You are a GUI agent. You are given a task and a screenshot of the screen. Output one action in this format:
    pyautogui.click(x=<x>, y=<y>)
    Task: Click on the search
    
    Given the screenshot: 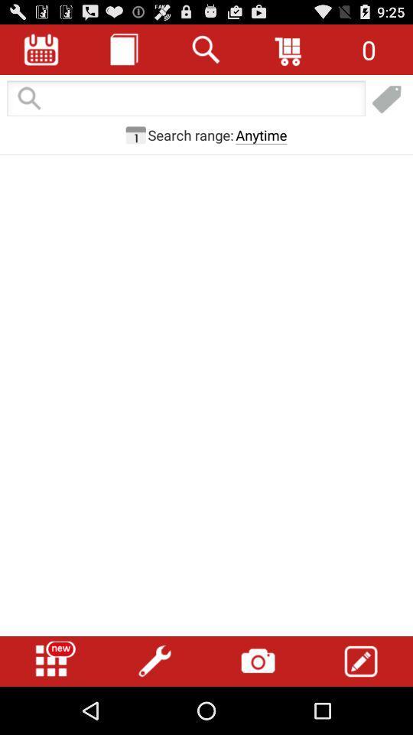 What is the action you would take?
    pyautogui.click(x=206, y=49)
    